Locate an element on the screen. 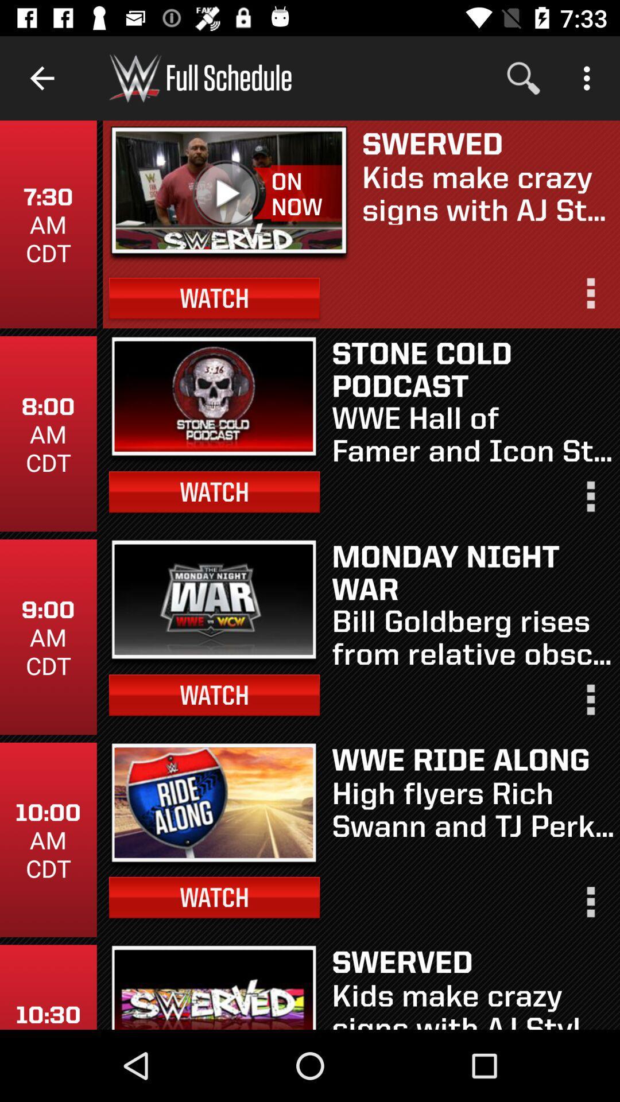 The image size is (620, 1102). the monday night war item is located at coordinates (472, 572).